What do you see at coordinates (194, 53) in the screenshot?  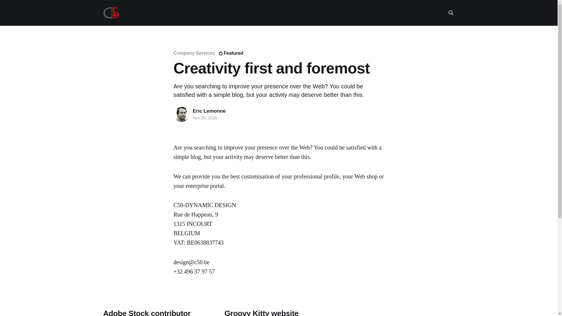 I see `'Company Services'` at bounding box center [194, 53].